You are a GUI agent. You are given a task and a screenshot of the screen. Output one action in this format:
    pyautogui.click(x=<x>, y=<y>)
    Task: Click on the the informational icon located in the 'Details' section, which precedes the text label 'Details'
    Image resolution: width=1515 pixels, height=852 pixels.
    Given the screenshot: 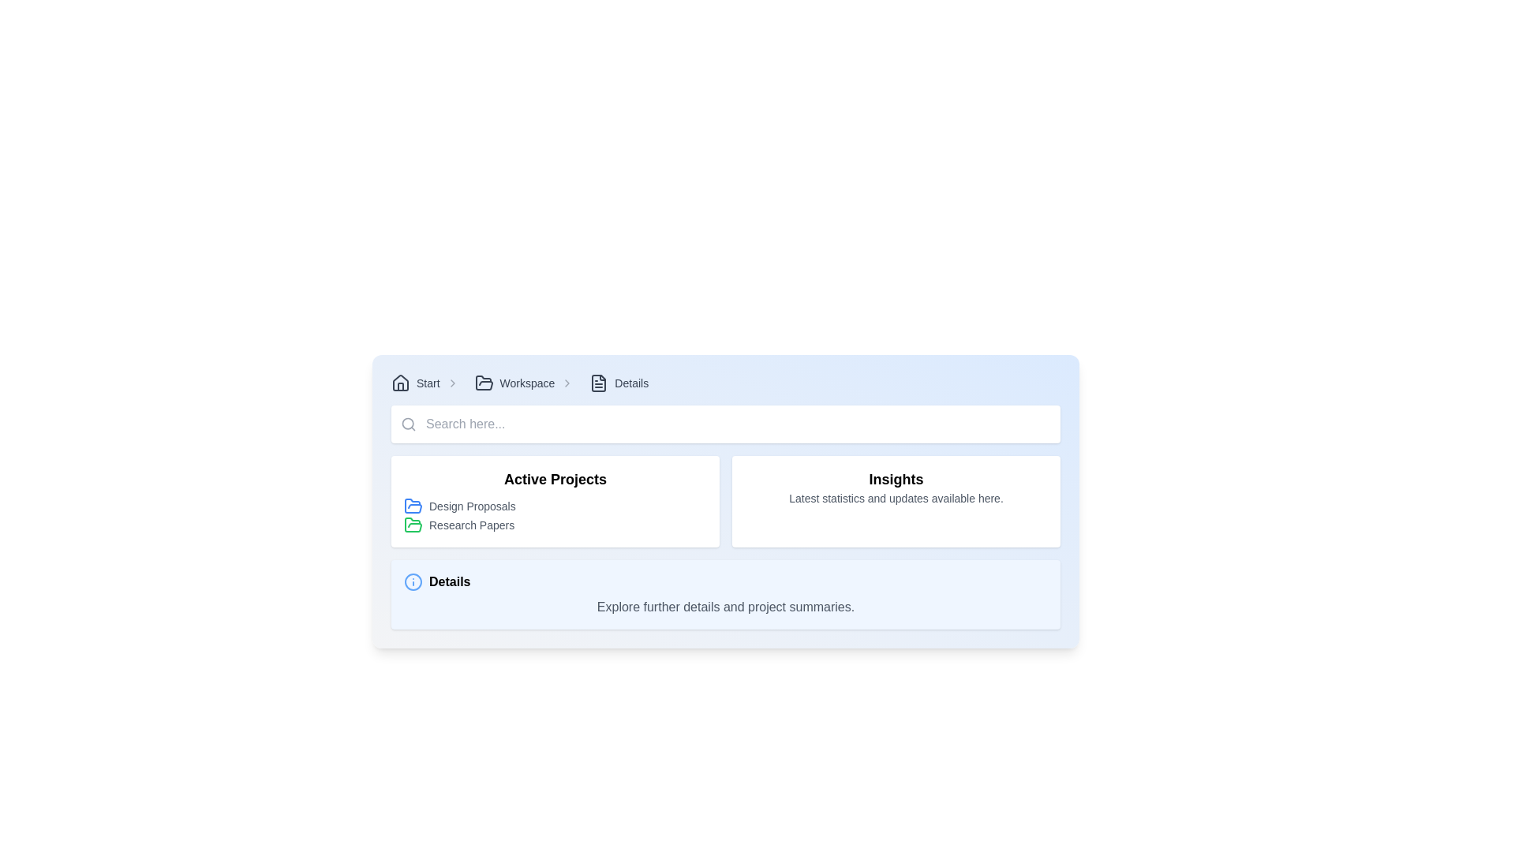 What is the action you would take?
    pyautogui.click(x=413, y=581)
    